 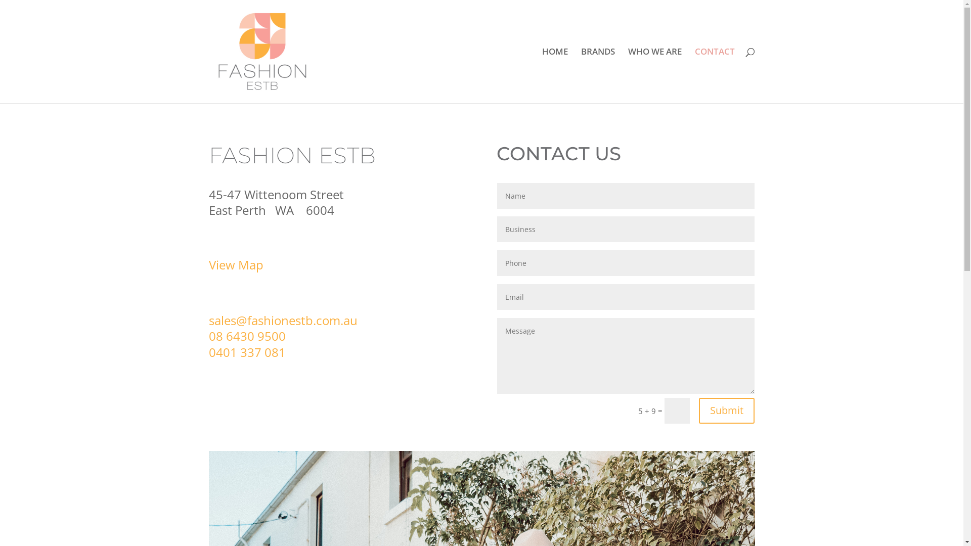 I want to click on 'View Map', so click(x=235, y=264).